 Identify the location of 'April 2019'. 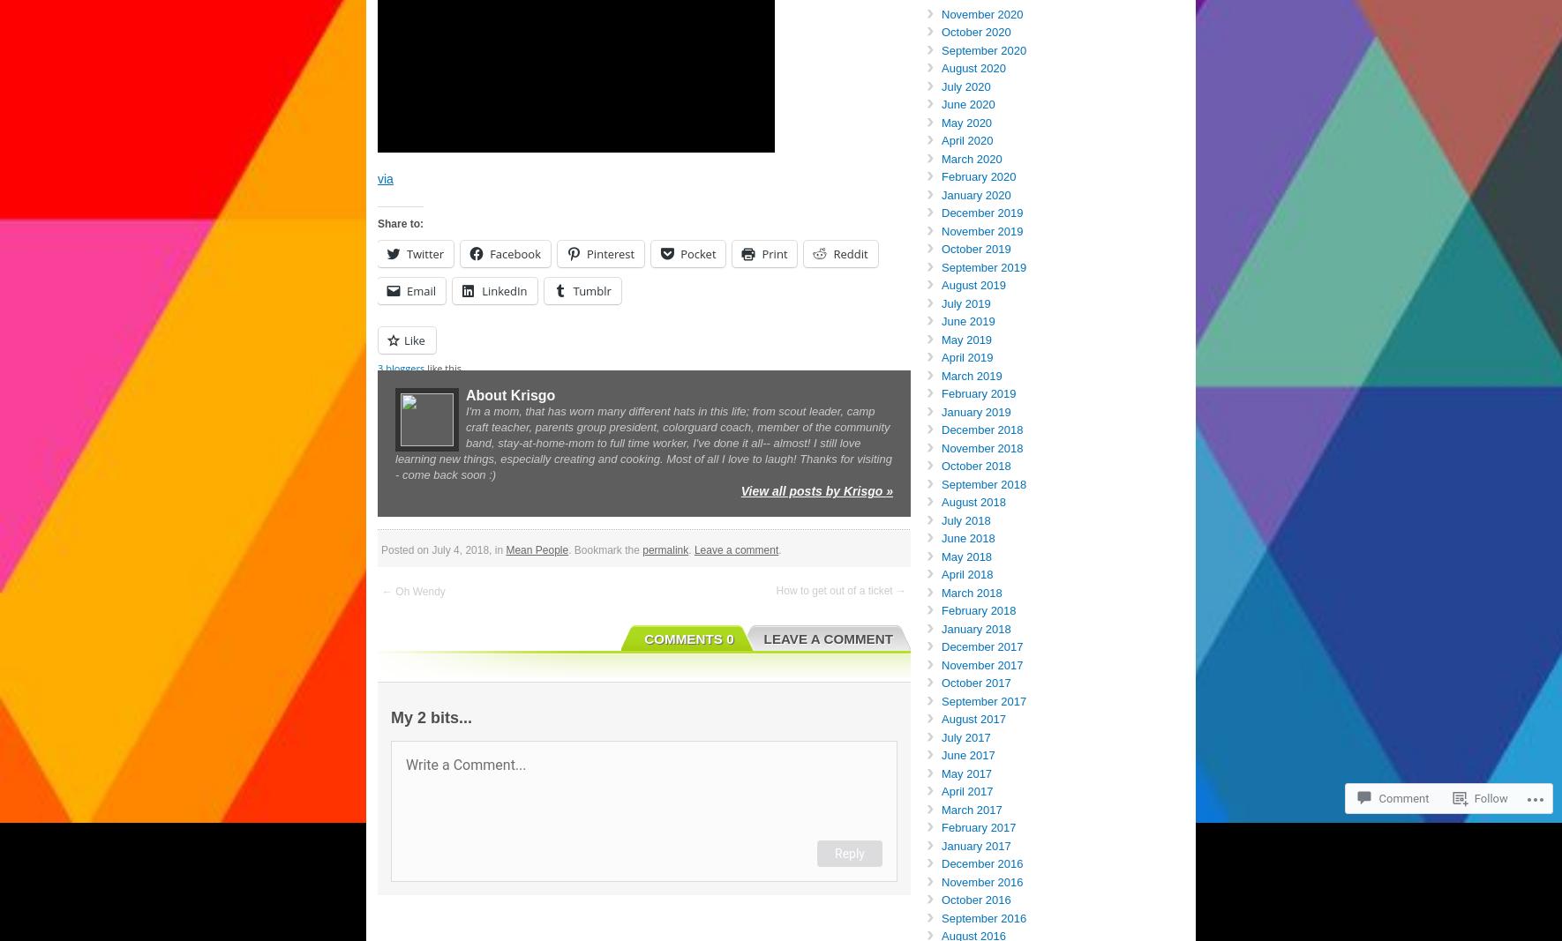
(941, 356).